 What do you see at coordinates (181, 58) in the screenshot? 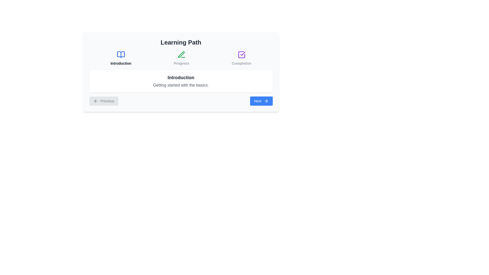
I see `the topic labeled Progress to inspect its icon and label` at bounding box center [181, 58].